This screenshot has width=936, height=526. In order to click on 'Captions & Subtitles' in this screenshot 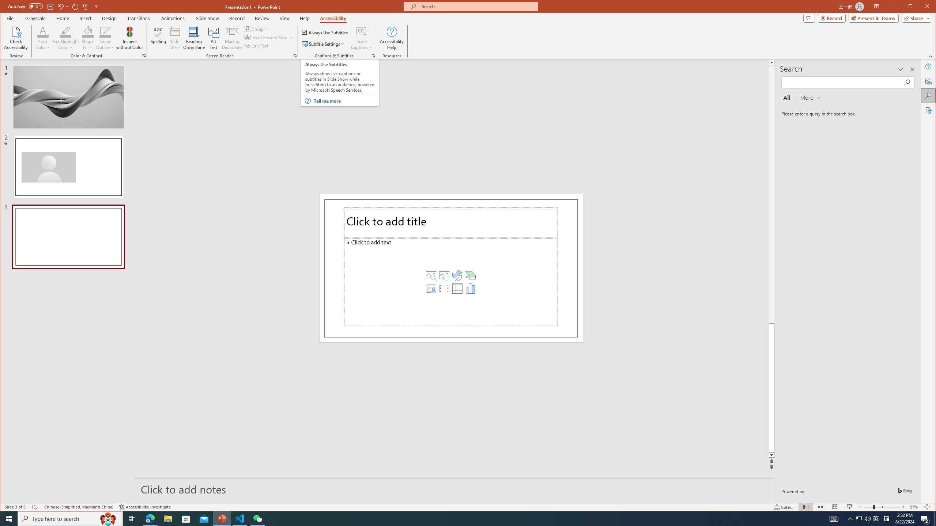, I will do `click(373, 56)`.